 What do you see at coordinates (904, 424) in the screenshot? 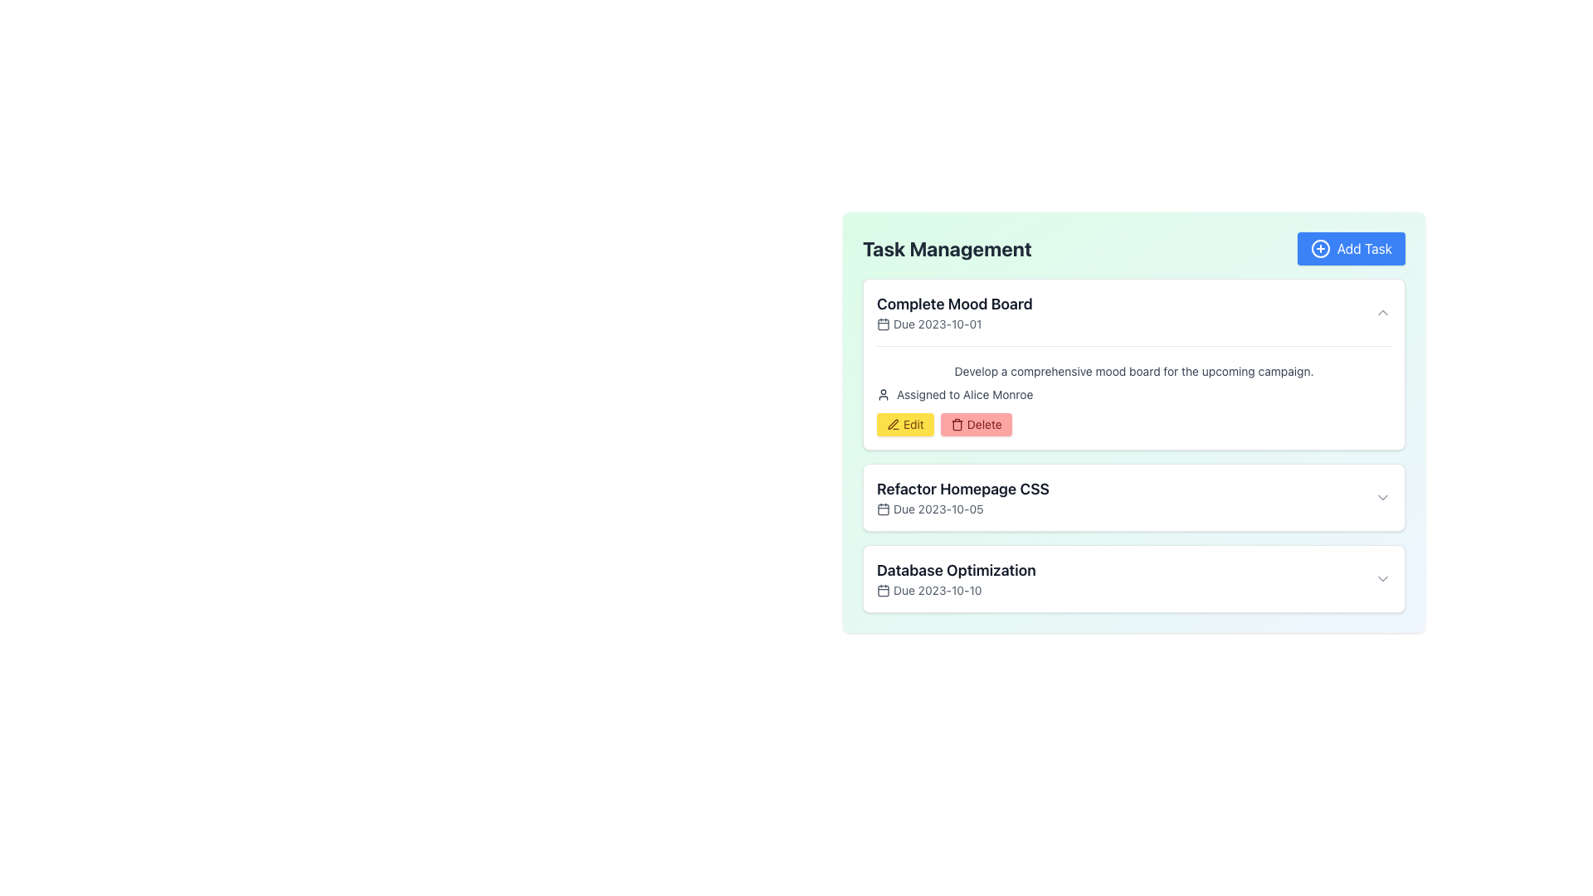
I see `the edit button located in the task card labeled 'Complete Mood Board'` at bounding box center [904, 424].